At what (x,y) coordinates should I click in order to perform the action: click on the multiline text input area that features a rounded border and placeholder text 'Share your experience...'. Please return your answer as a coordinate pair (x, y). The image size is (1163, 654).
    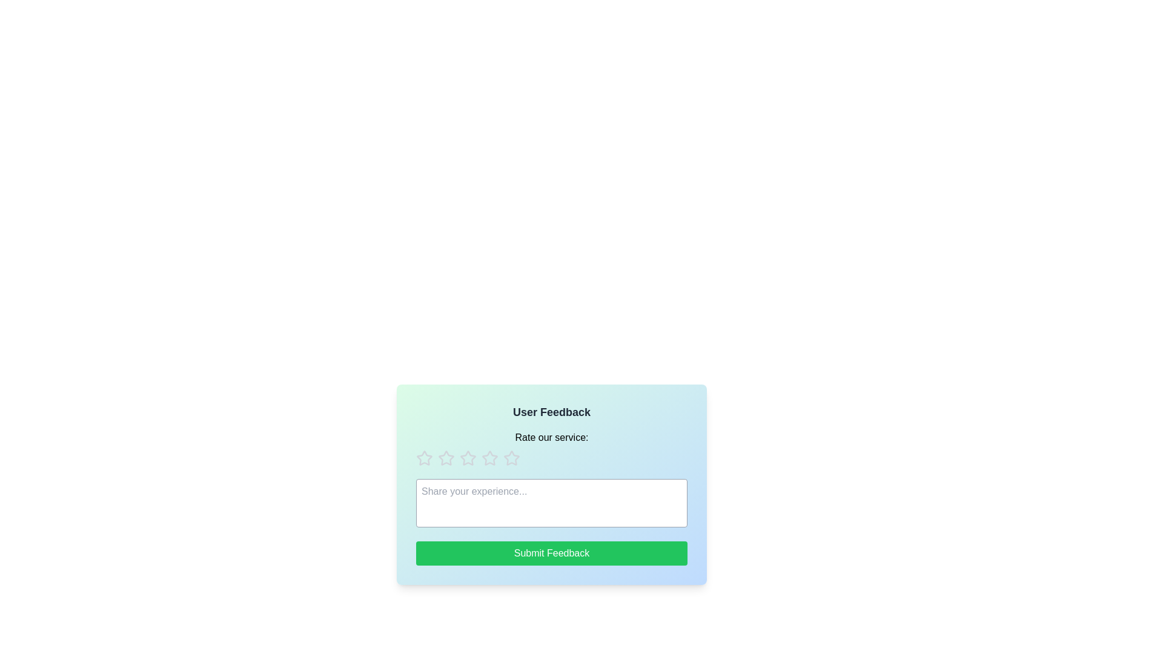
    Looking at the image, I should click on (551, 503).